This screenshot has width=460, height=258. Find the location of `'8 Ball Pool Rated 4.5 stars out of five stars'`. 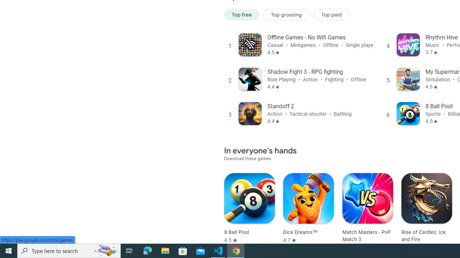

'8 Ball Pool Rated 4.5 stars out of five stars' is located at coordinates (249, 208).